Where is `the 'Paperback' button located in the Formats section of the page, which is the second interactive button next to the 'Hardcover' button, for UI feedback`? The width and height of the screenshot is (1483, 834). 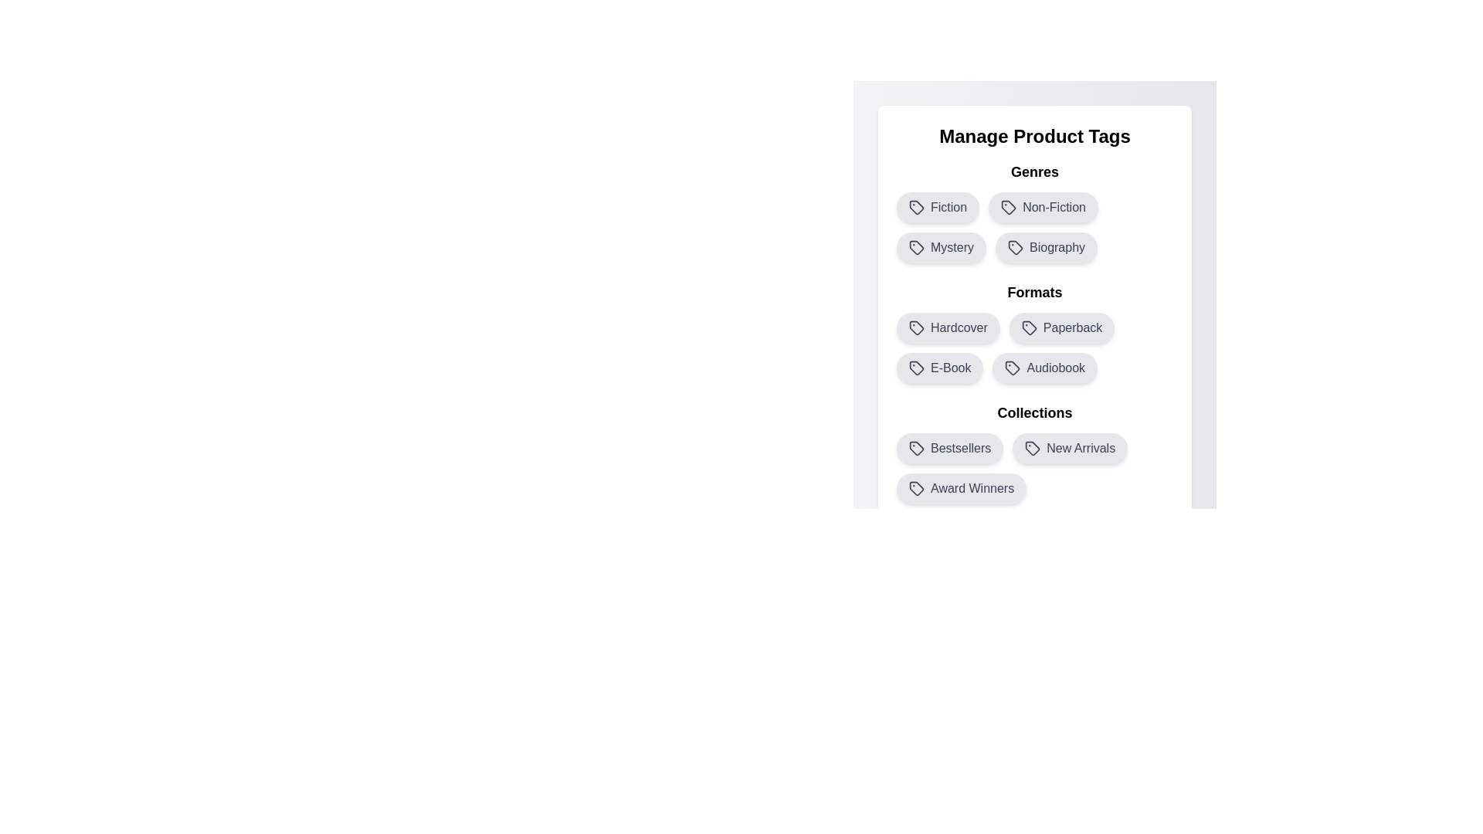 the 'Paperback' button located in the Formats section of the page, which is the second interactive button next to the 'Hardcover' button, for UI feedback is located at coordinates (1034, 332).